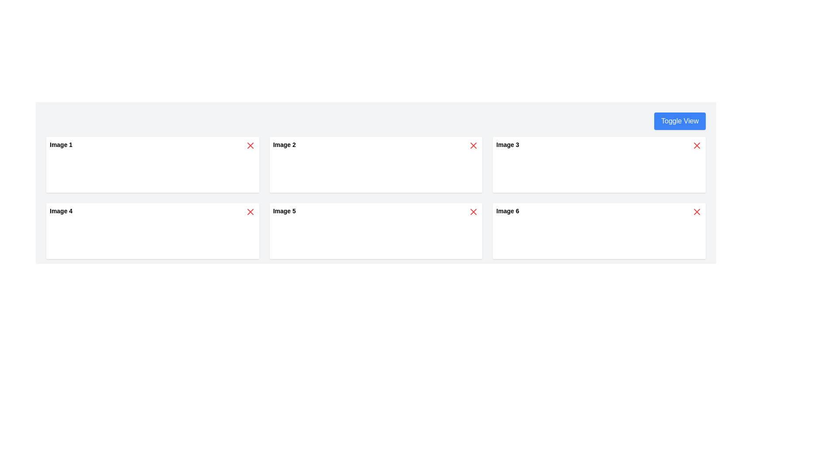  I want to click on the third card in the grid layout labeled as 'Image 3', so click(599, 165).